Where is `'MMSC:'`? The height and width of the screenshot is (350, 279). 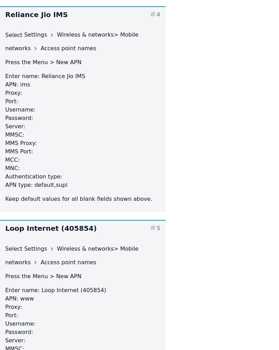
'MMSC:' is located at coordinates (14, 134).